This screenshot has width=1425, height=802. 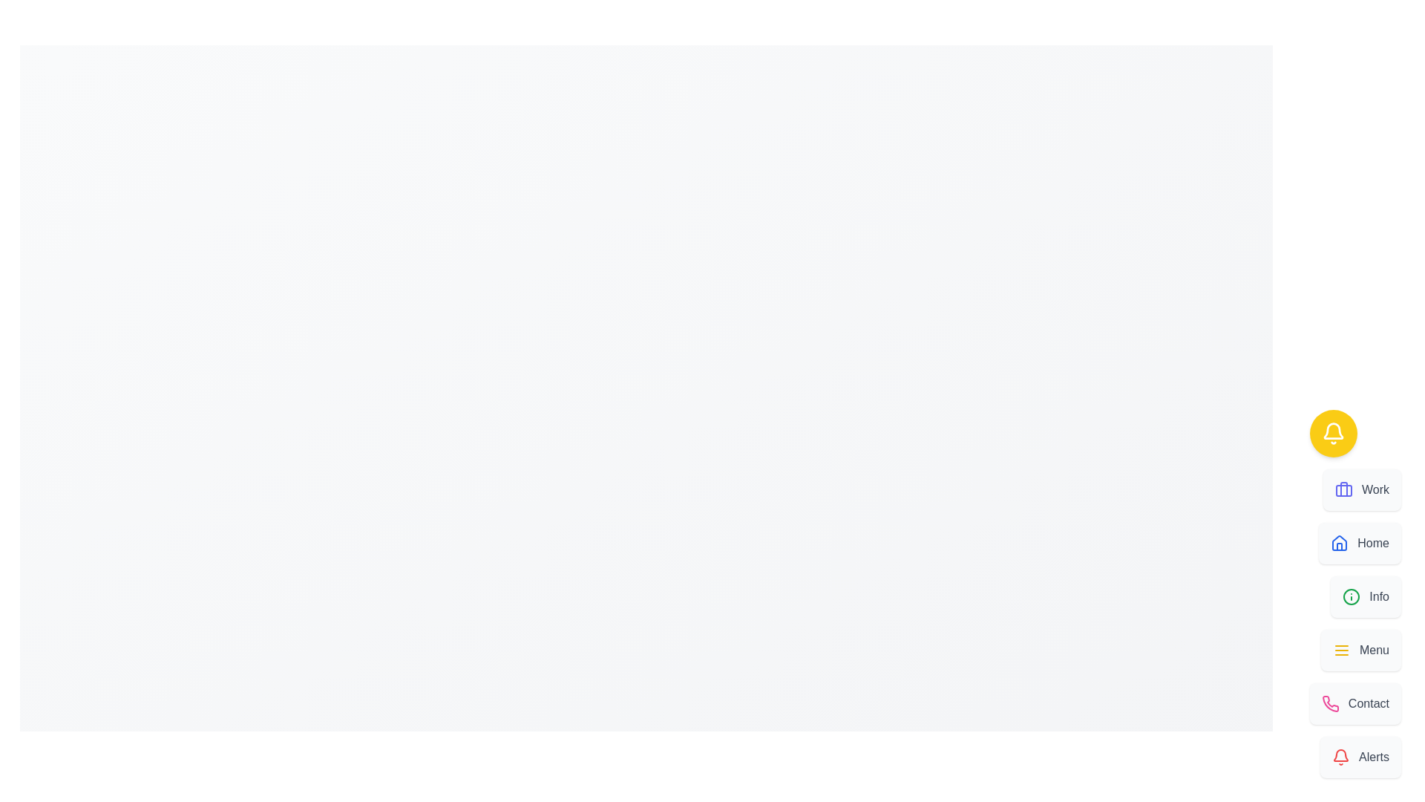 I want to click on the option Contact from the Speed Dial menu, so click(x=1355, y=703).